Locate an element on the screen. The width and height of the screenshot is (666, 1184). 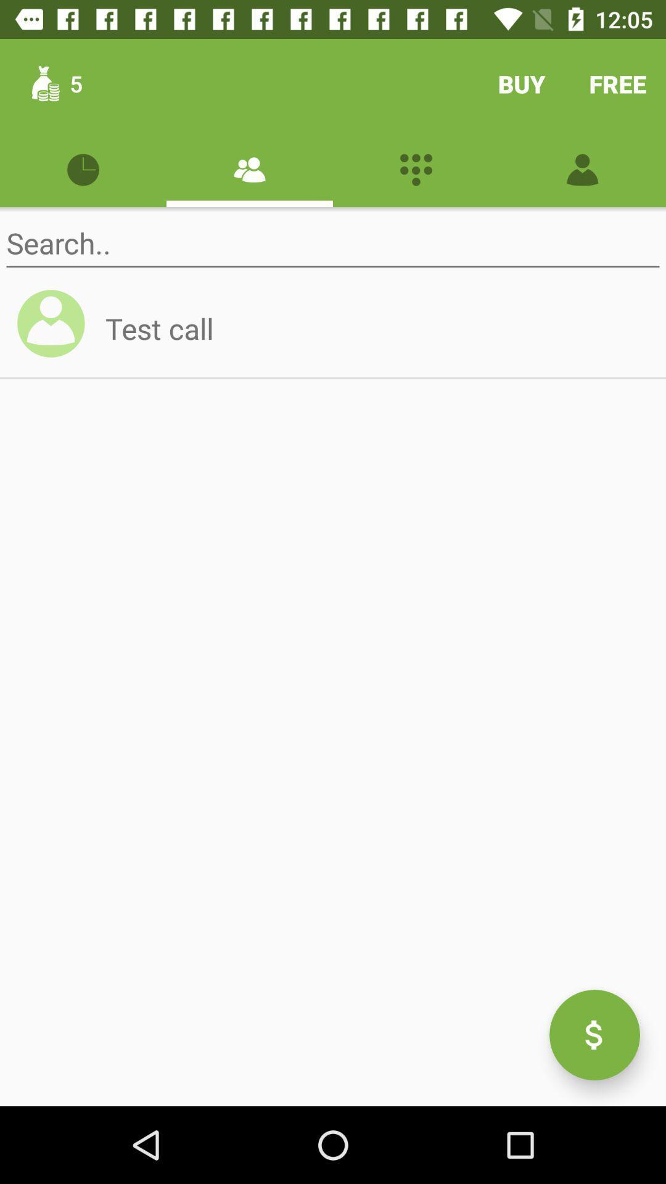
the icon next to test call item is located at coordinates (56, 329).